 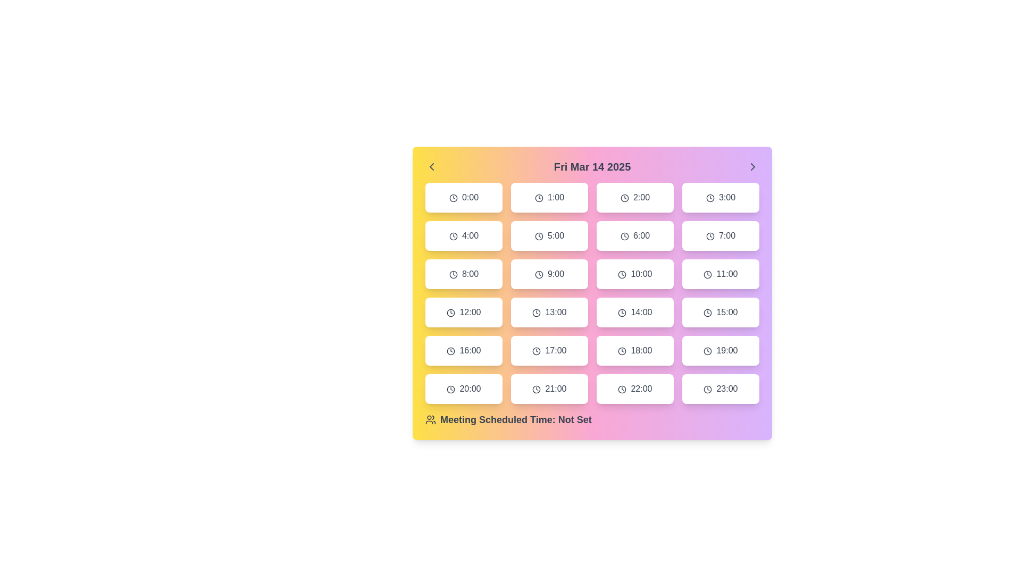 I want to click on the rectangular button with a white background, rounded corners, a clock icon, and the text '6:00', so click(x=635, y=235).